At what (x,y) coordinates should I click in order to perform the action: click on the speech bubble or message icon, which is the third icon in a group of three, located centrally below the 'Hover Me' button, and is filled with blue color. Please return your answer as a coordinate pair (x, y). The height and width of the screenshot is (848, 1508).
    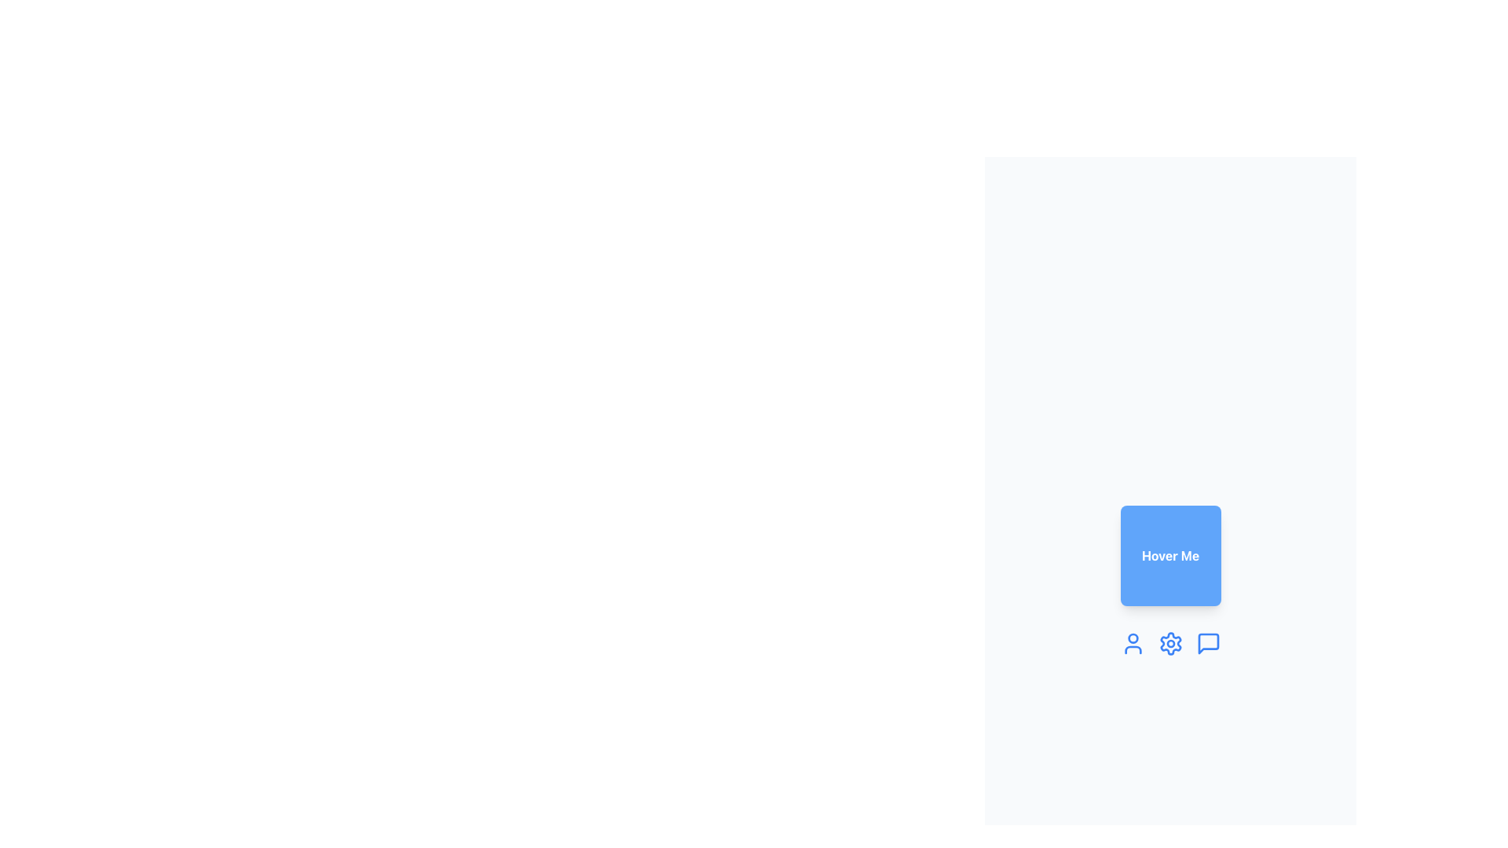
    Looking at the image, I should click on (1207, 644).